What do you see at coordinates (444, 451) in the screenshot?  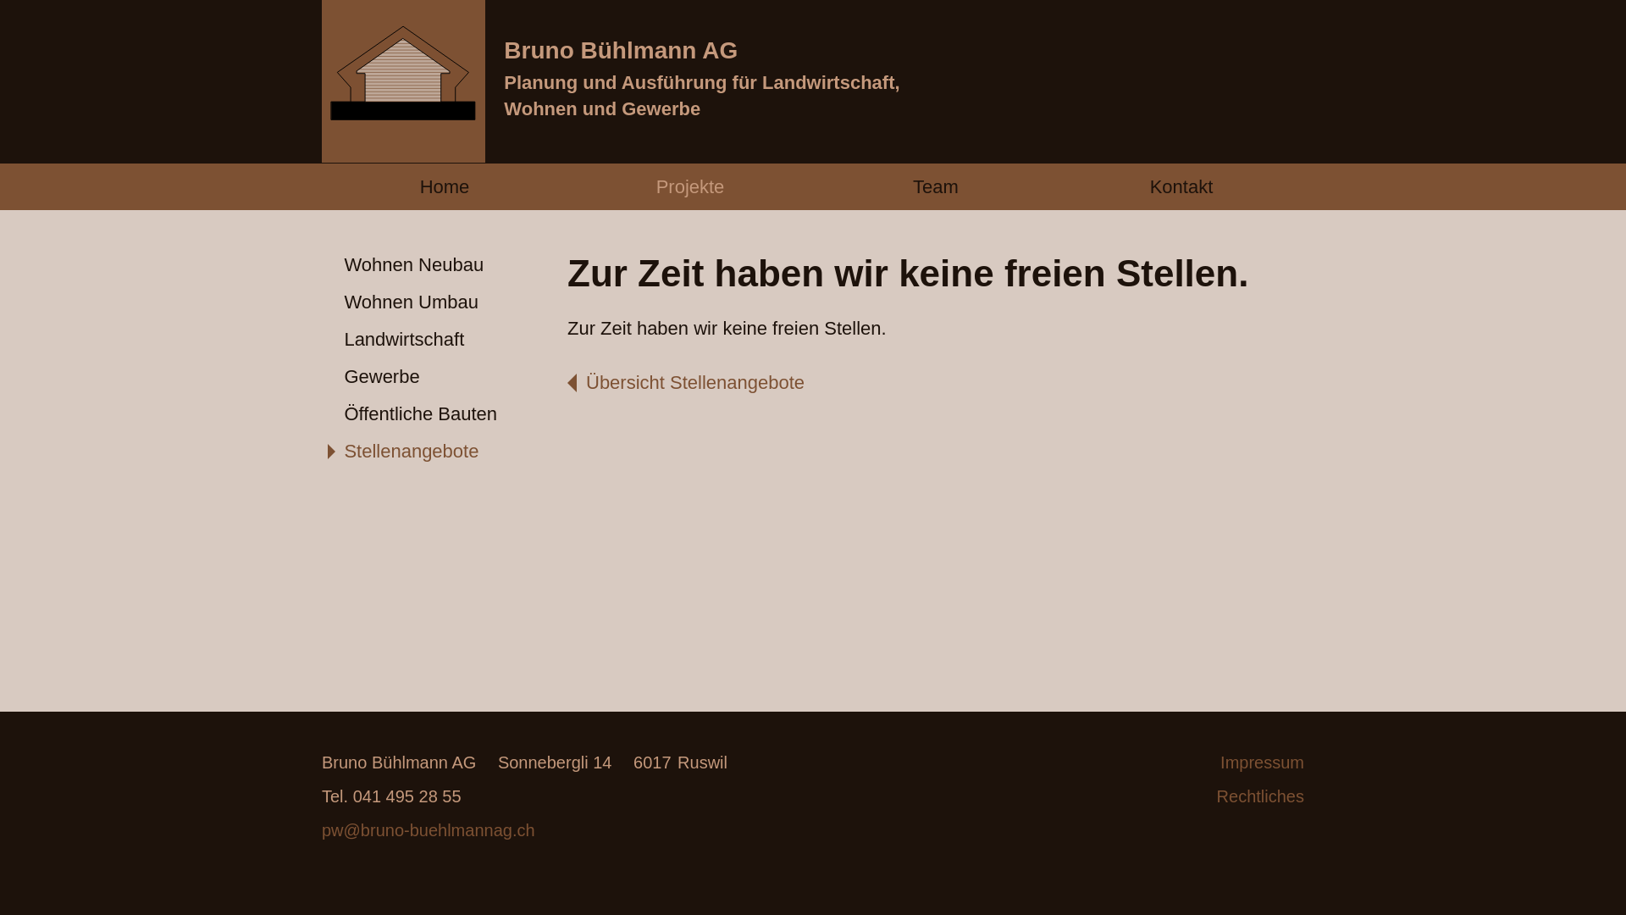 I see `'Stellenangebote'` at bounding box center [444, 451].